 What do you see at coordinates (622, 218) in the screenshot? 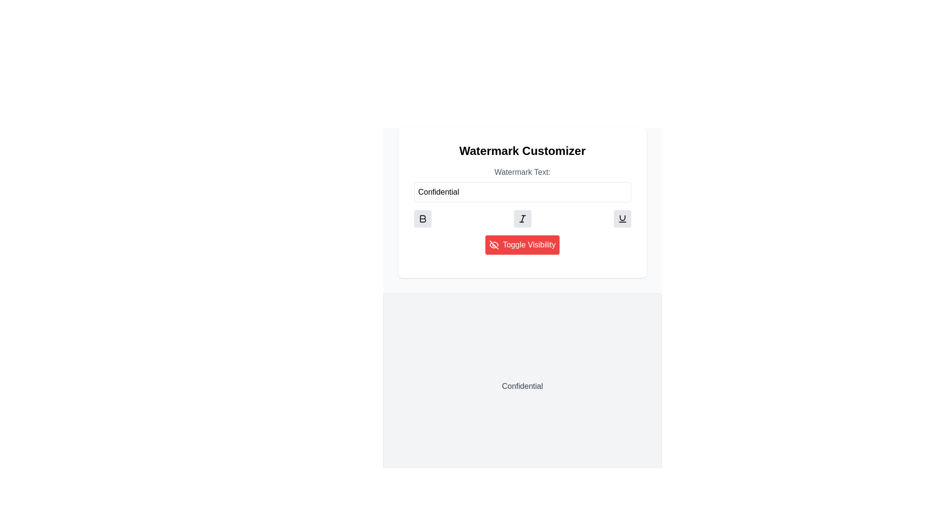
I see `the underline icon in the formatting toolbar to apply underline formatting to the selected text` at bounding box center [622, 218].